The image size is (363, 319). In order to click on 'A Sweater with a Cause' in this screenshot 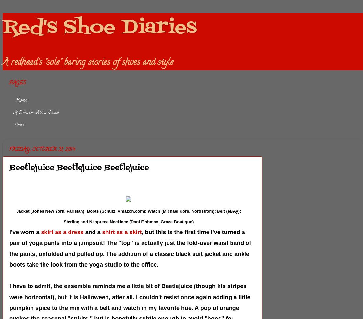, I will do `click(36, 112)`.